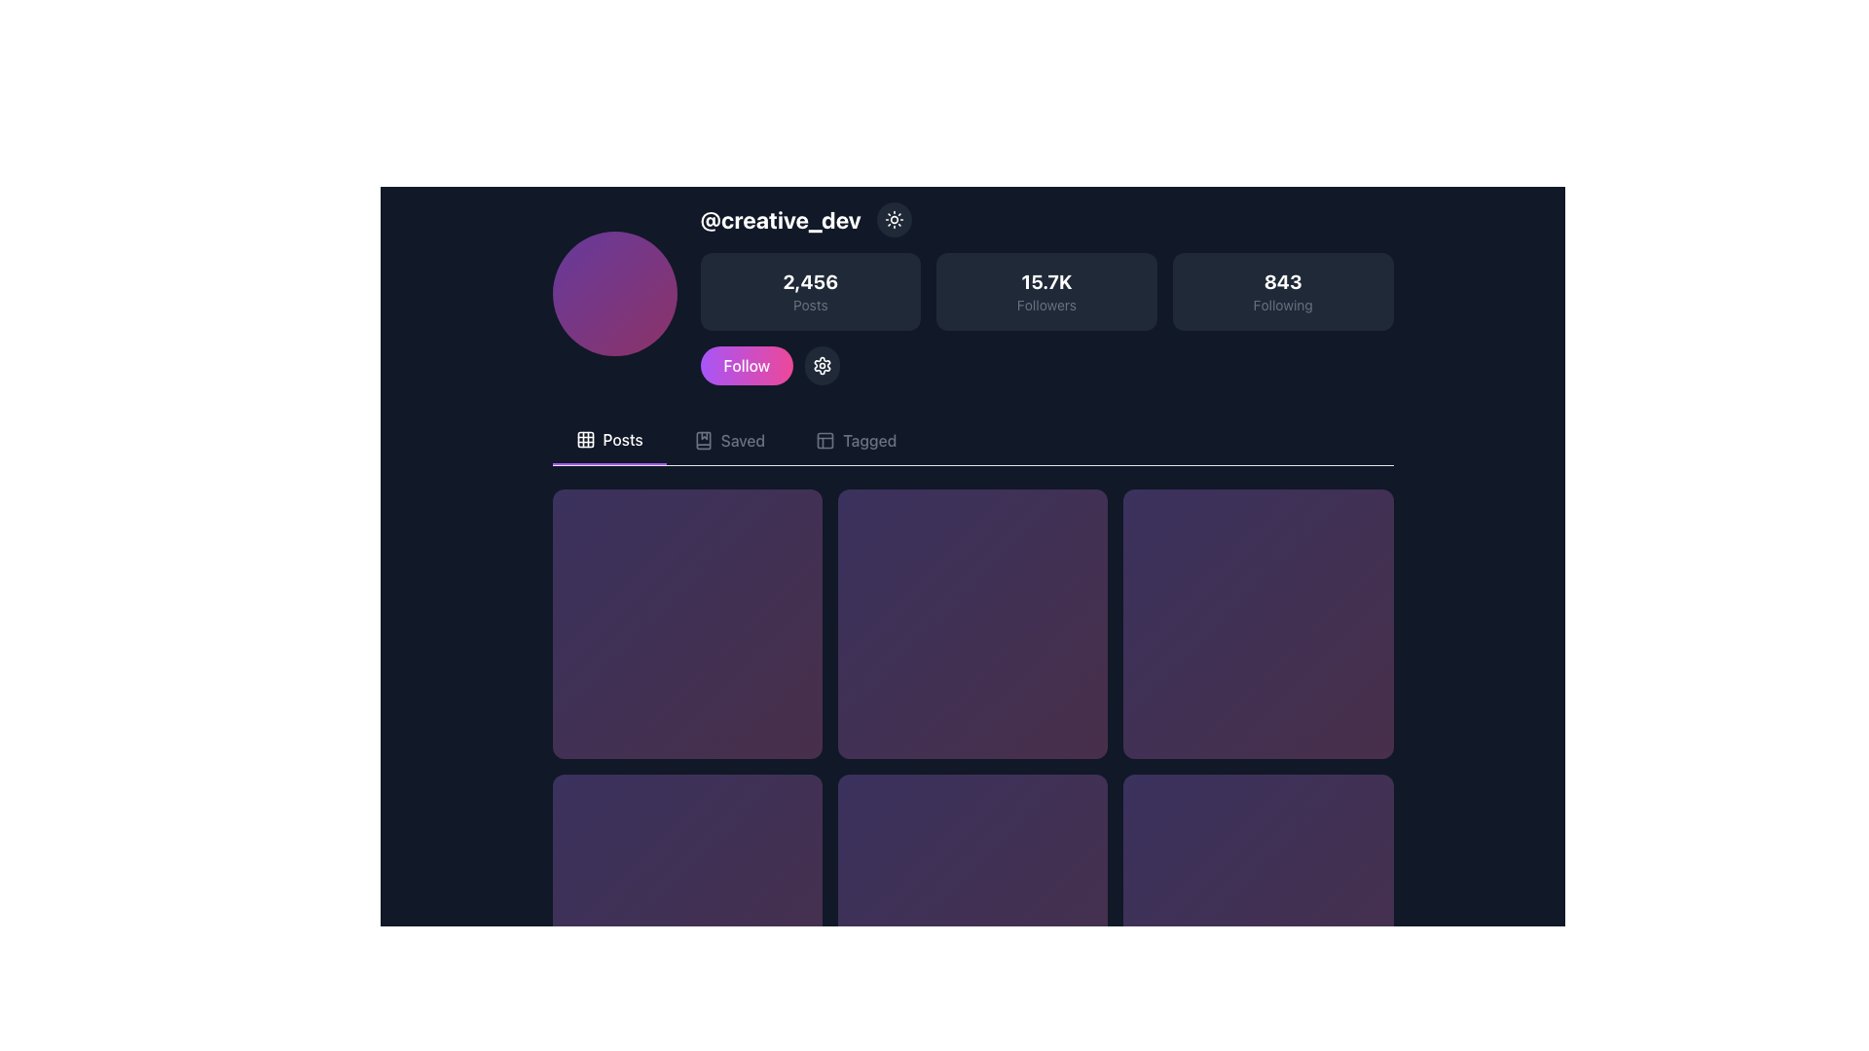 This screenshot has height=1051, width=1869. What do you see at coordinates (1283, 305) in the screenshot?
I see `label 'Following' located at the bottom of the '843' count in the social metrics section` at bounding box center [1283, 305].